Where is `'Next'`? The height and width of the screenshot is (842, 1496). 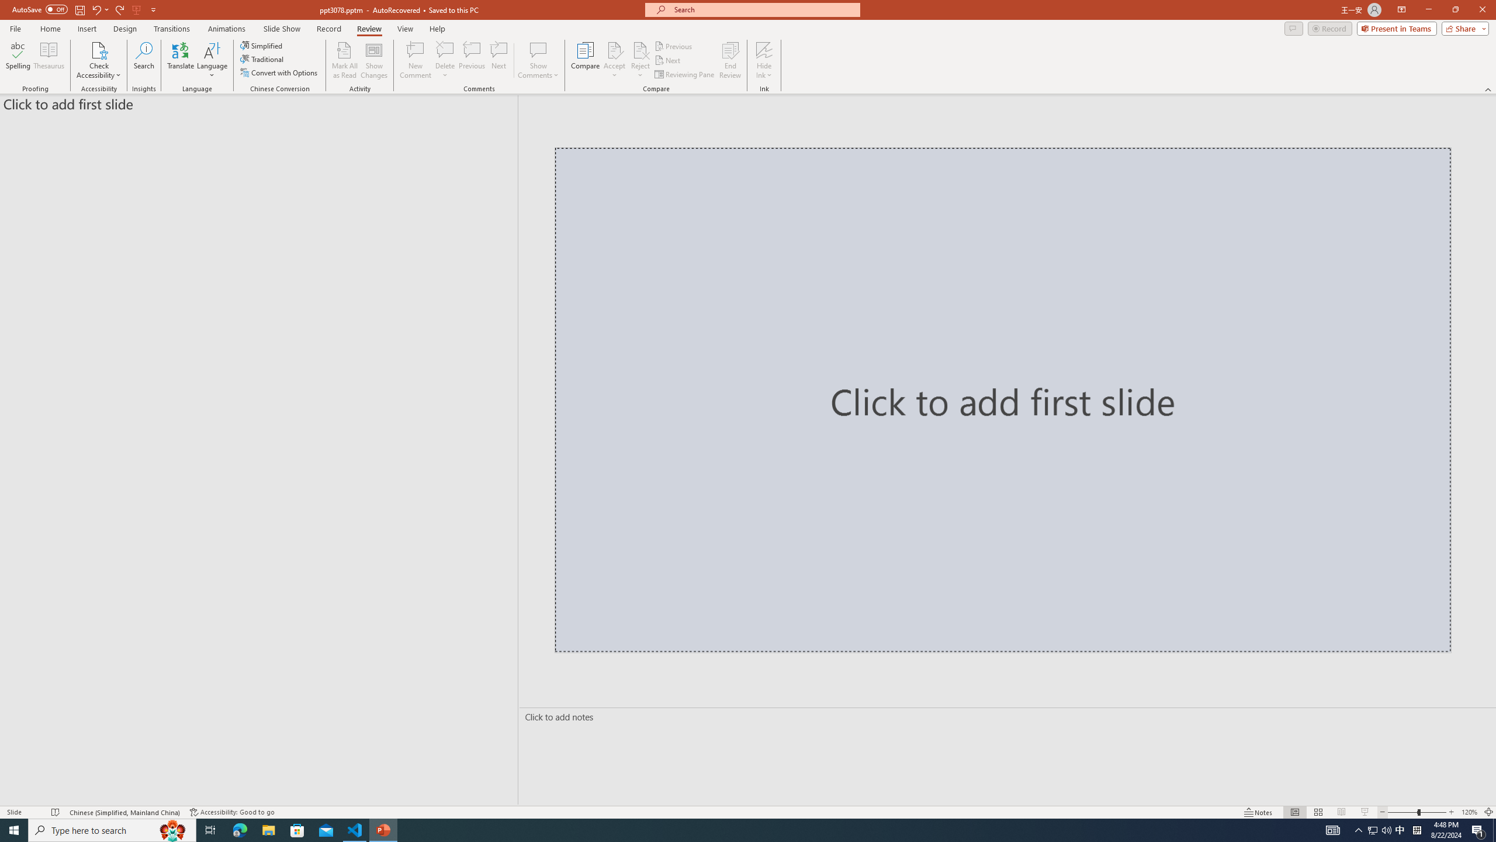
'Next' is located at coordinates (667, 60).